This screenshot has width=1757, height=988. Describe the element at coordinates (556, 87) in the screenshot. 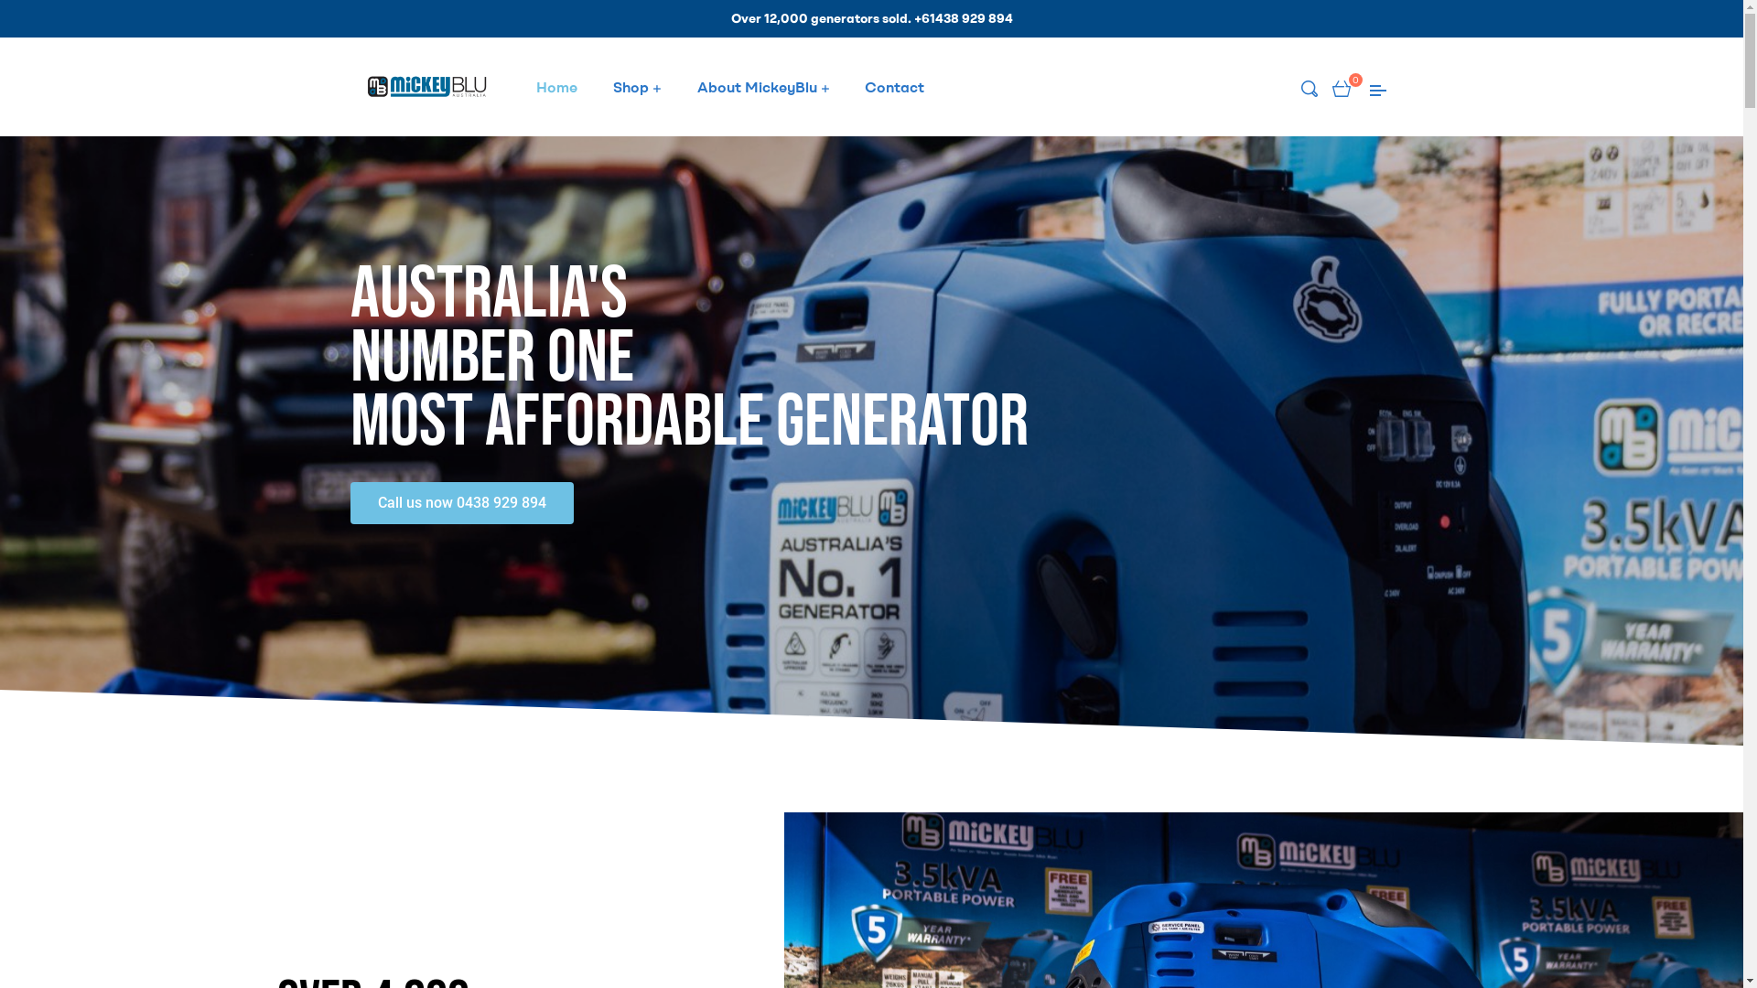

I see `'Home'` at that location.